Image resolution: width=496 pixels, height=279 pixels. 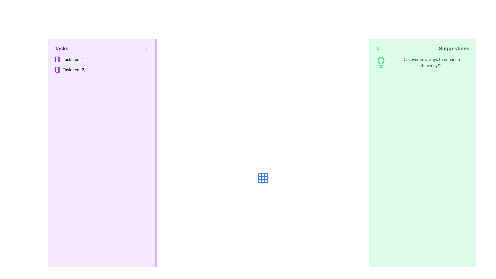 I want to click on the text element providing informative or motivational content located in the 'Suggestions' section, aligned to the right of a green lightbulb icon, so click(x=430, y=62).